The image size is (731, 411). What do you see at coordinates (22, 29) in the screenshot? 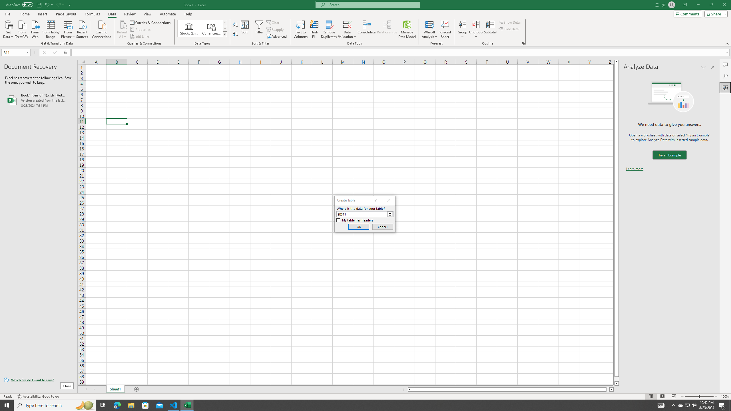
I see `'From Text/CSV'` at bounding box center [22, 29].